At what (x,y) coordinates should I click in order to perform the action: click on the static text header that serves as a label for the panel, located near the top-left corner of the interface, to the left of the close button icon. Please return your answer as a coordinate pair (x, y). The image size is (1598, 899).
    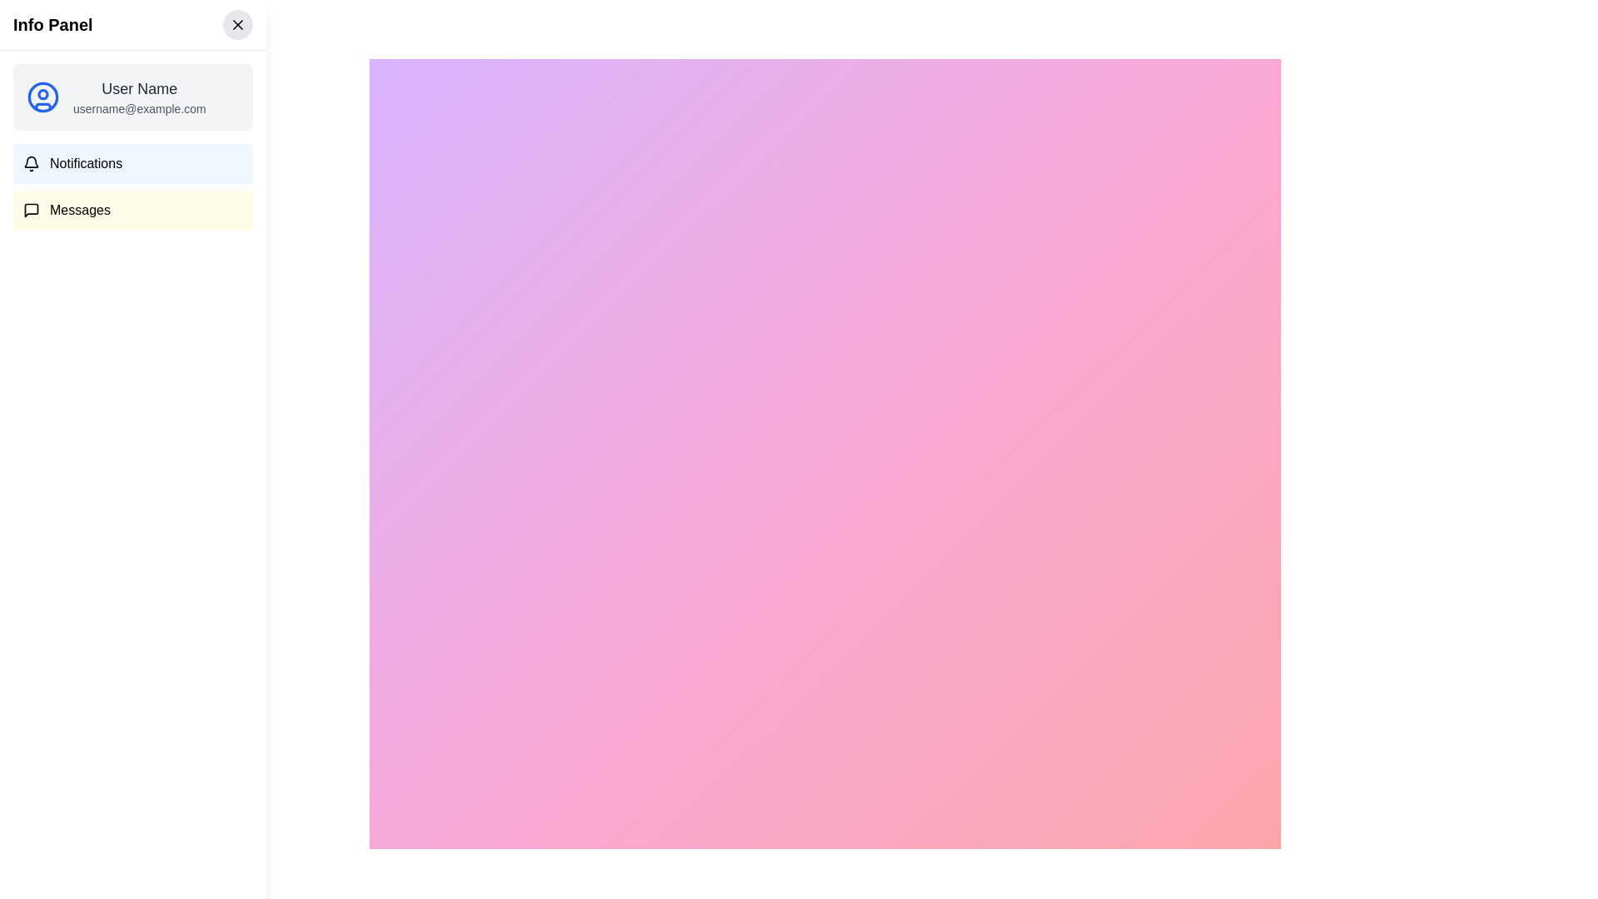
    Looking at the image, I should click on (52, 25).